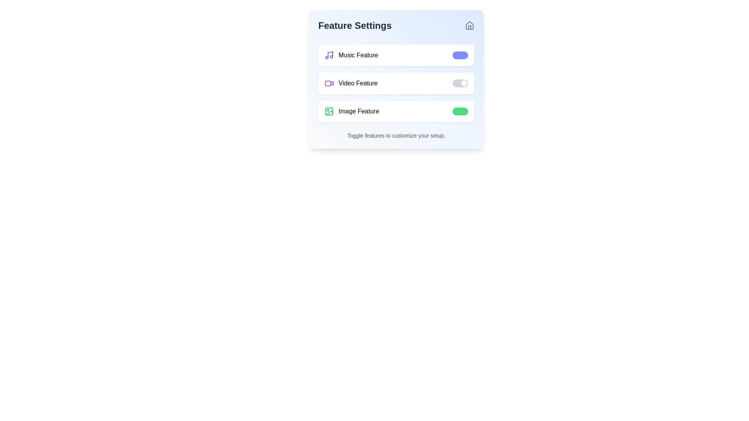 The height and width of the screenshot is (421, 749). What do you see at coordinates (359, 111) in the screenshot?
I see `the 'Image Feature' text label` at bounding box center [359, 111].